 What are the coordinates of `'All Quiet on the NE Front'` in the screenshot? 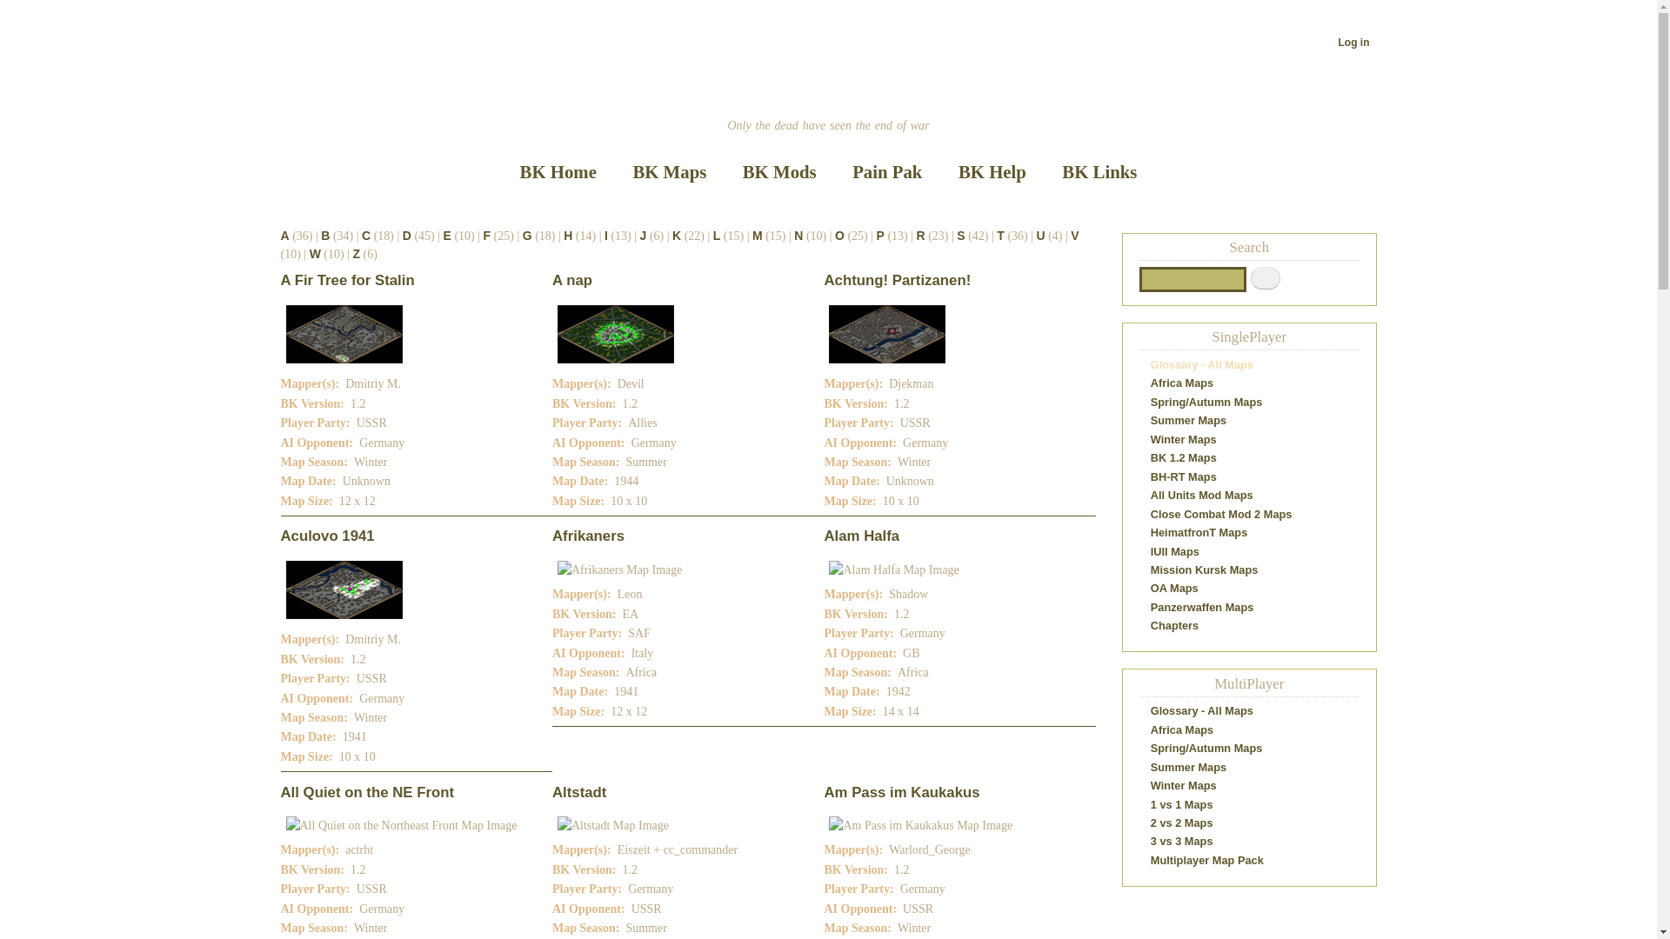 It's located at (366, 792).